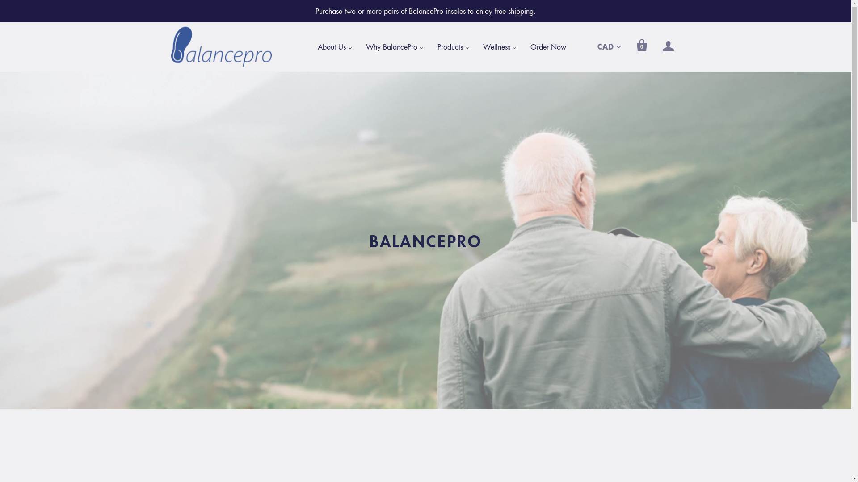 The image size is (858, 482). Describe the element at coordinates (547, 46) in the screenshot. I see `'Order Now'` at that location.